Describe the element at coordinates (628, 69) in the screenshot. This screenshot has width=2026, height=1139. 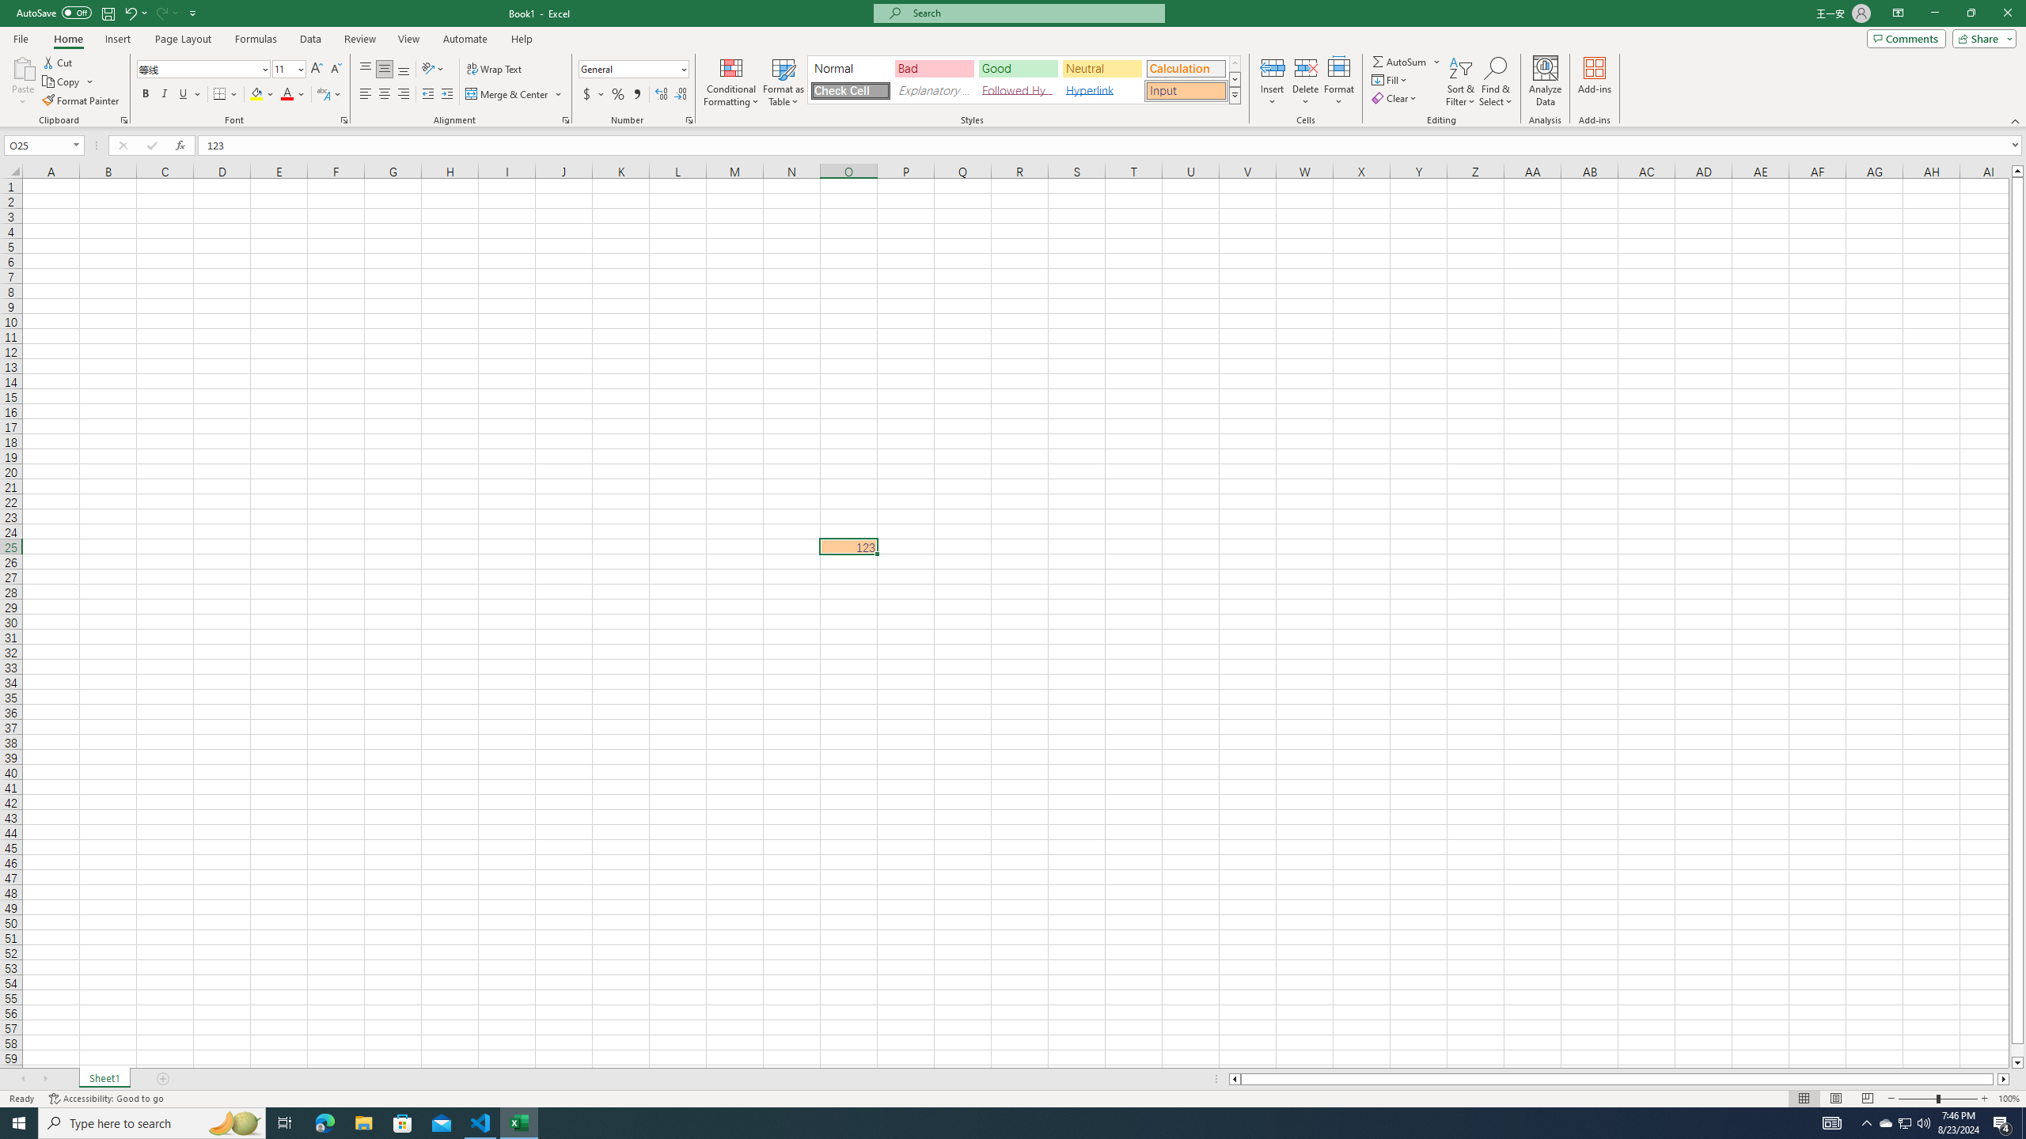
I see `'Number Format'` at that location.